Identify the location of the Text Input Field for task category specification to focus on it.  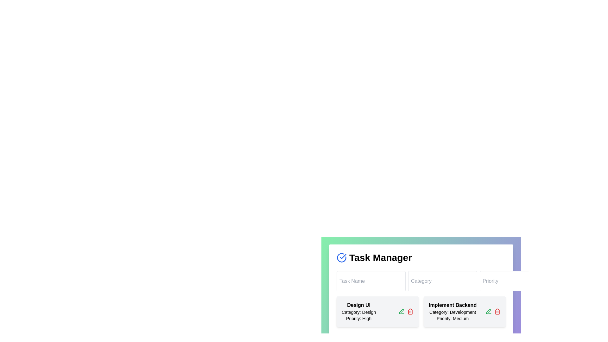
(421, 281).